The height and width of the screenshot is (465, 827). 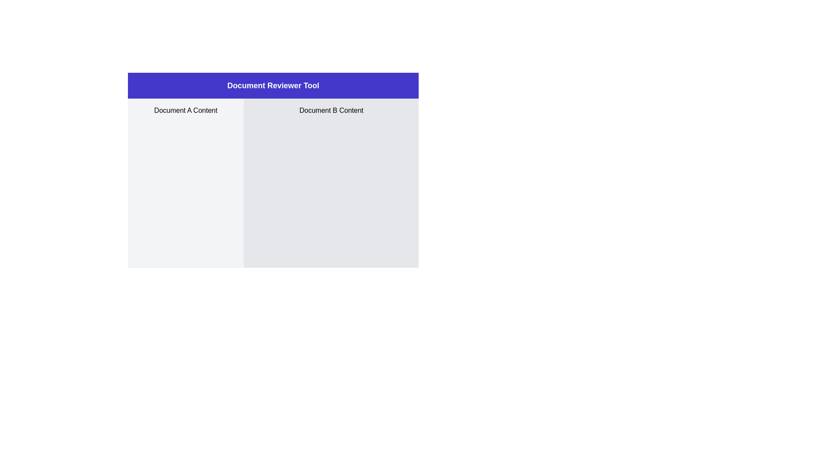 What do you see at coordinates (273, 86) in the screenshot?
I see `the text label that serves as the title or header for the interface, providing context or branding for the application, positioned at the topmost part of the layout` at bounding box center [273, 86].